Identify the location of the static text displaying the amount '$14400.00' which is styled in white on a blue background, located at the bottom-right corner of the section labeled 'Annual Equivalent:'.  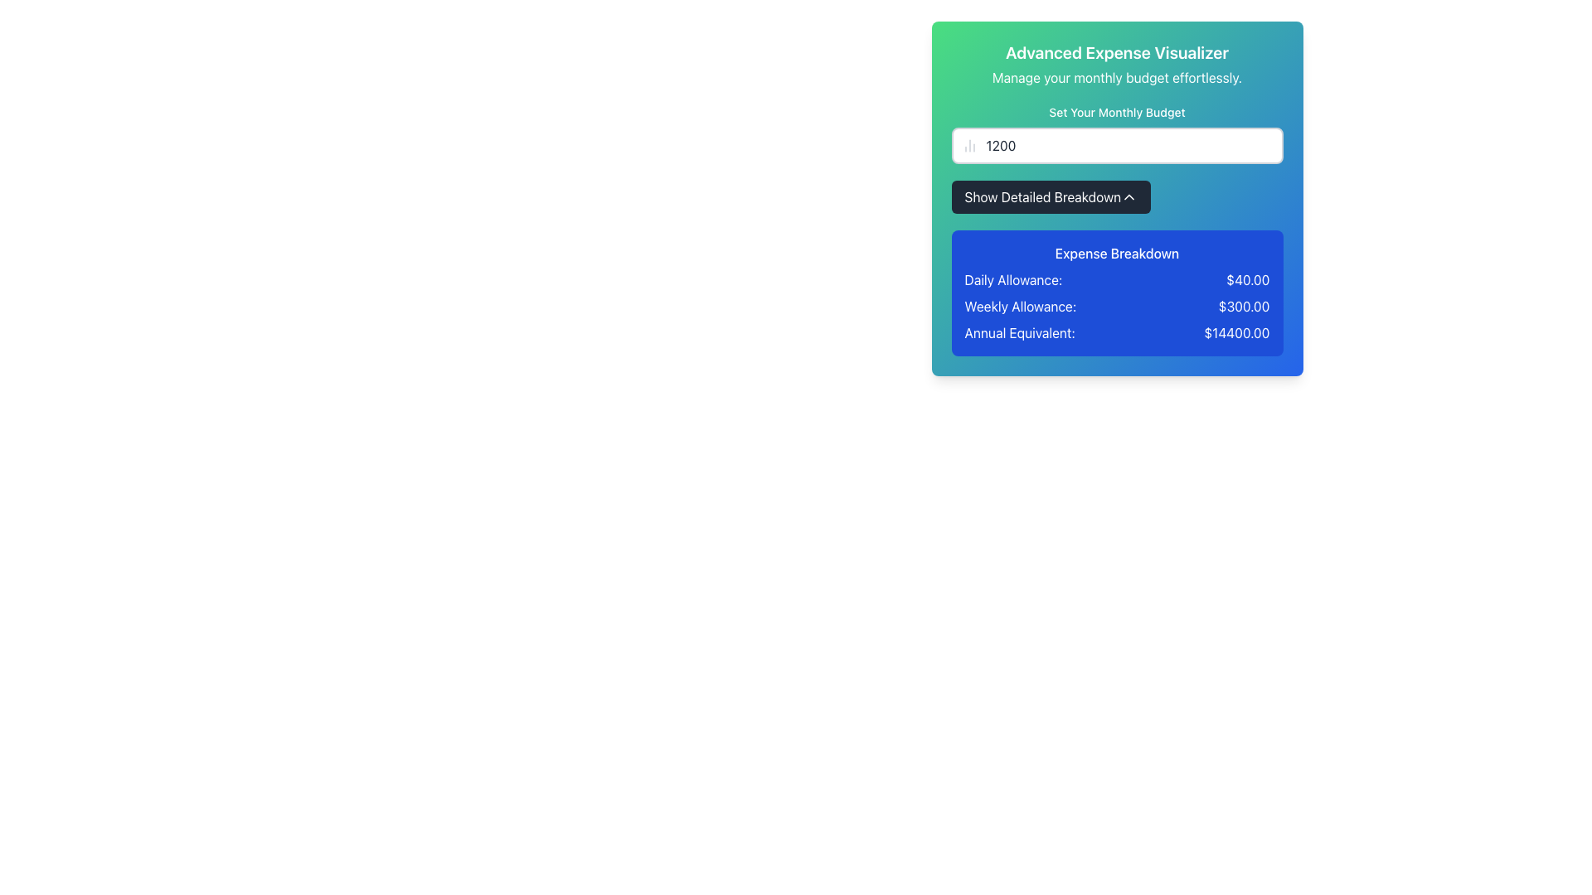
(1237, 332).